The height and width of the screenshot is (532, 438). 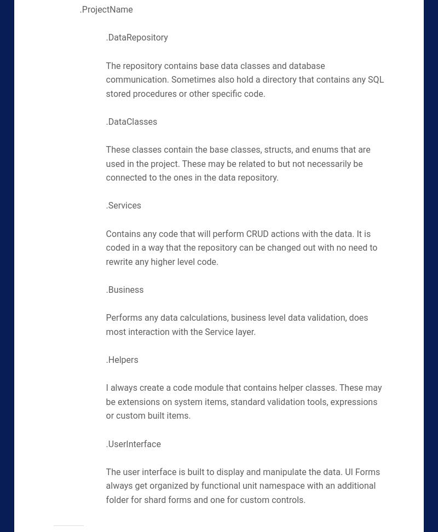 What do you see at coordinates (132, 443) in the screenshot?
I see `'.UserInterface'` at bounding box center [132, 443].